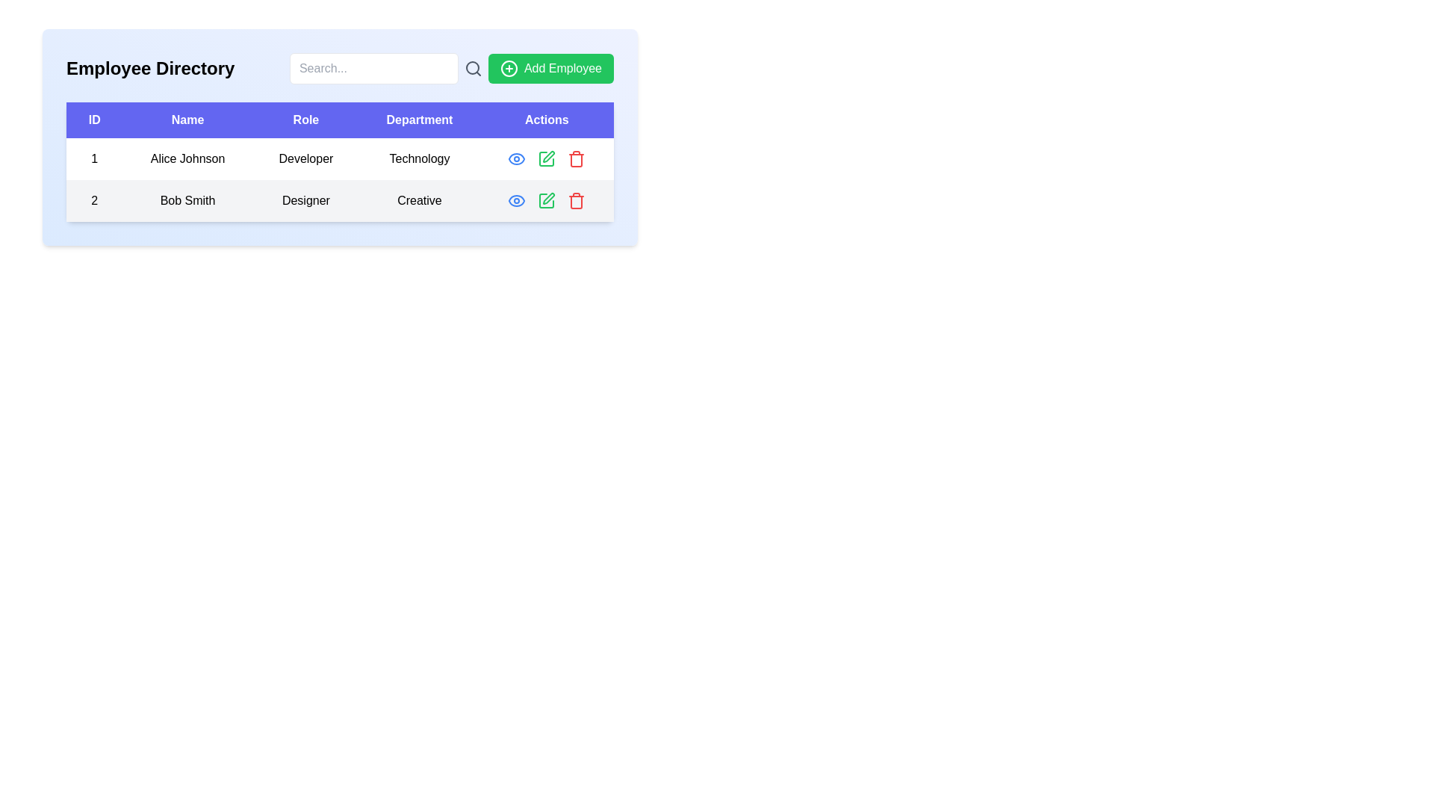 This screenshot has height=807, width=1434. What do you see at coordinates (339, 200) in the screenshot?
I see `the second row in the organizational directory table, which contains employee details including ID, Name, Role, Department, and Actions` at bounding box center [339, 200].